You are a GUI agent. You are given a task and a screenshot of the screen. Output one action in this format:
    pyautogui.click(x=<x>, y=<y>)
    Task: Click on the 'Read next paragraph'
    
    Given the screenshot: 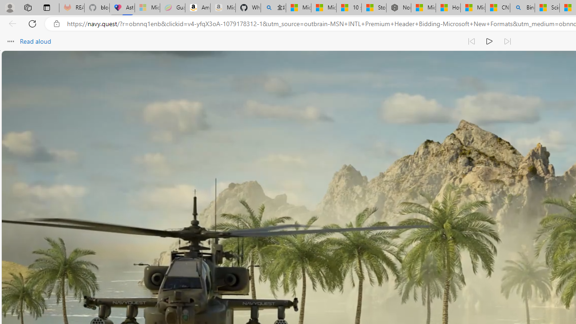 What is the action you would take?
    pyautogui.click(x=508, y=41)
    